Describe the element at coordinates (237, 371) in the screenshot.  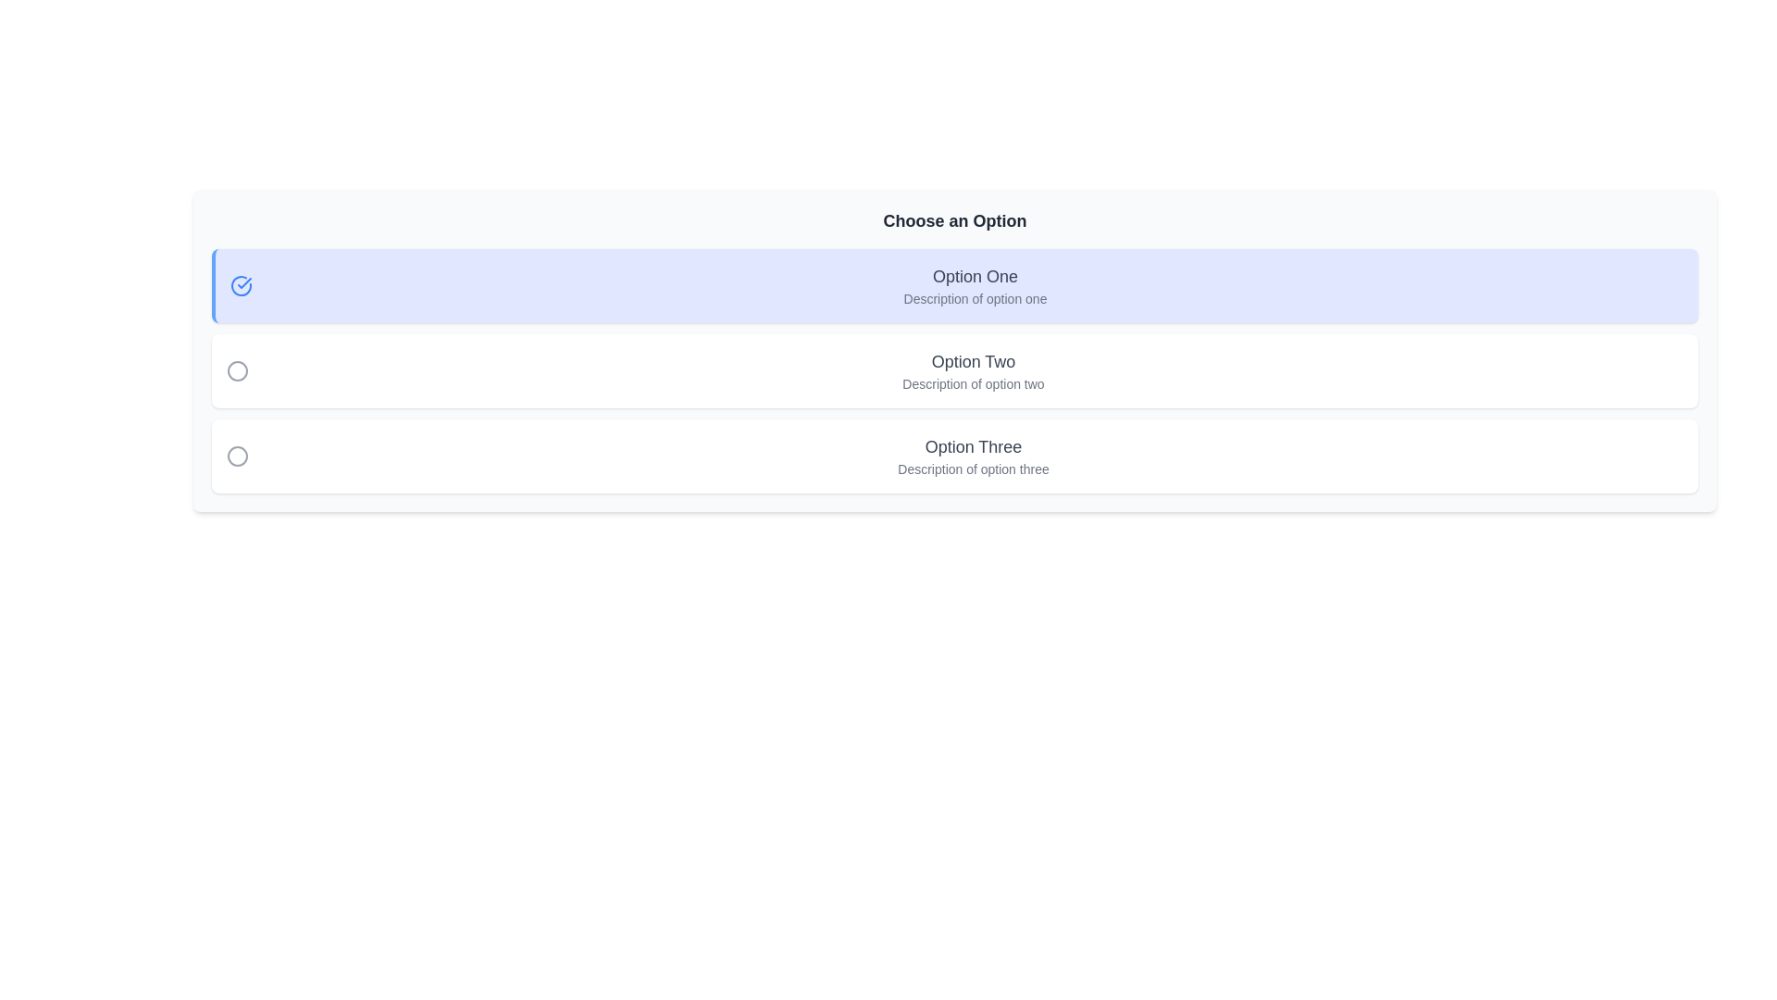
I see `the icon positioned to the left of the 'Option Two' button` at that location.